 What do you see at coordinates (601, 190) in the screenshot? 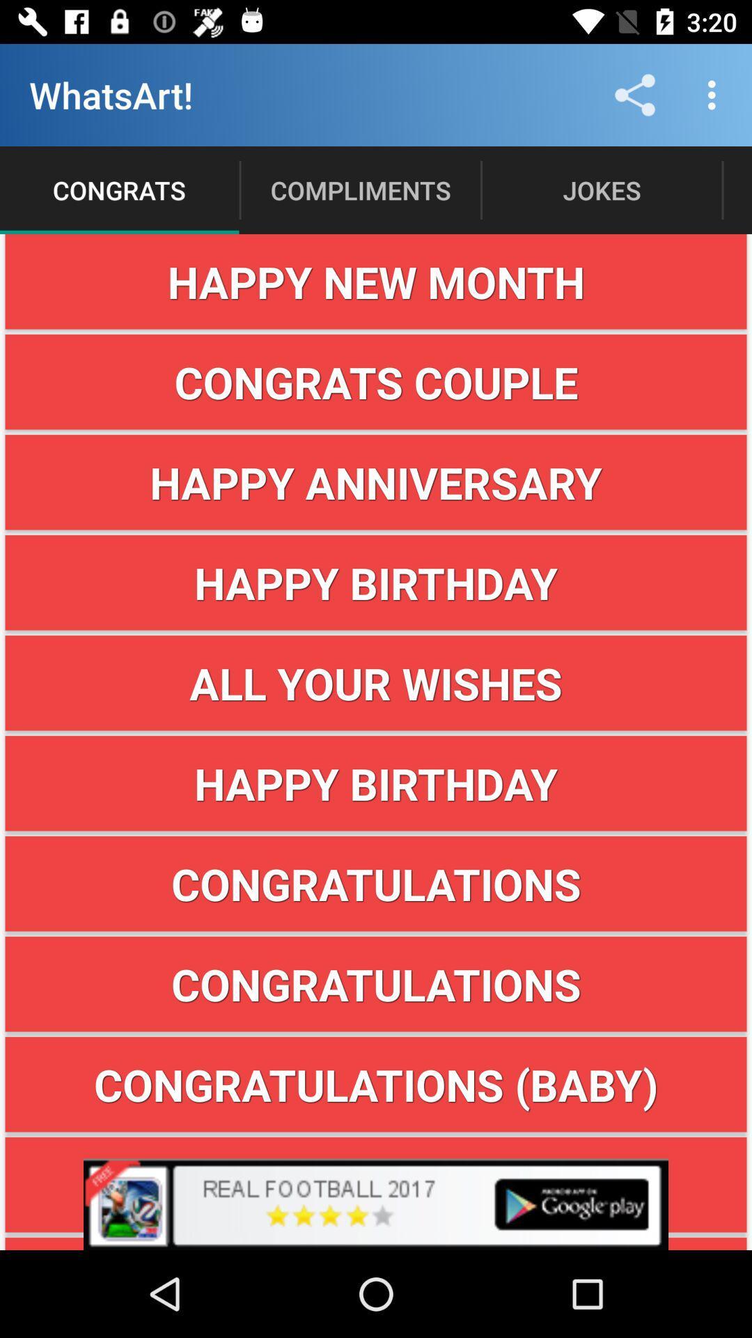
I see `the button which is next to the compliments` at bounding box center [601, 190].